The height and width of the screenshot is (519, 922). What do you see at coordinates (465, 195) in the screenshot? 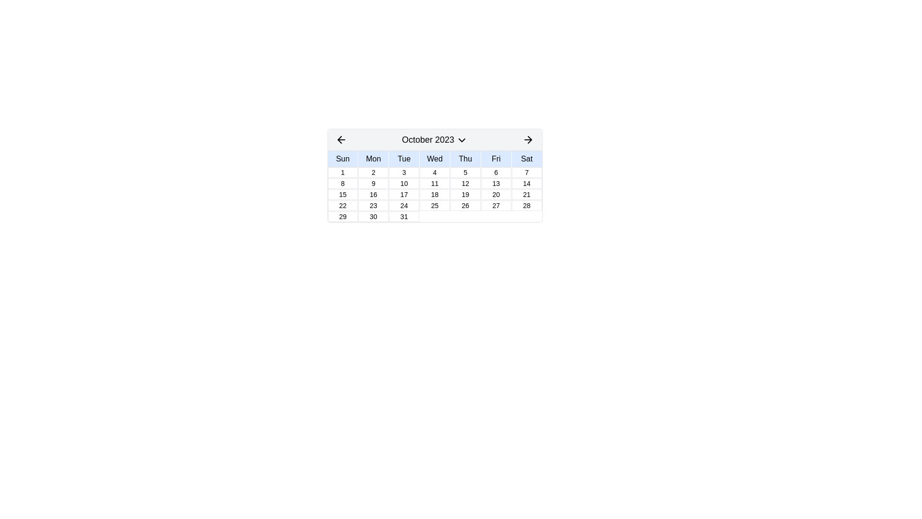
I see `the static text label representing the calendar date October 19, which is located in the calendar view for October 2023, corresponding to the week starting October 15 and the column labeled 'Thu'` at bounding box center [465, 195].